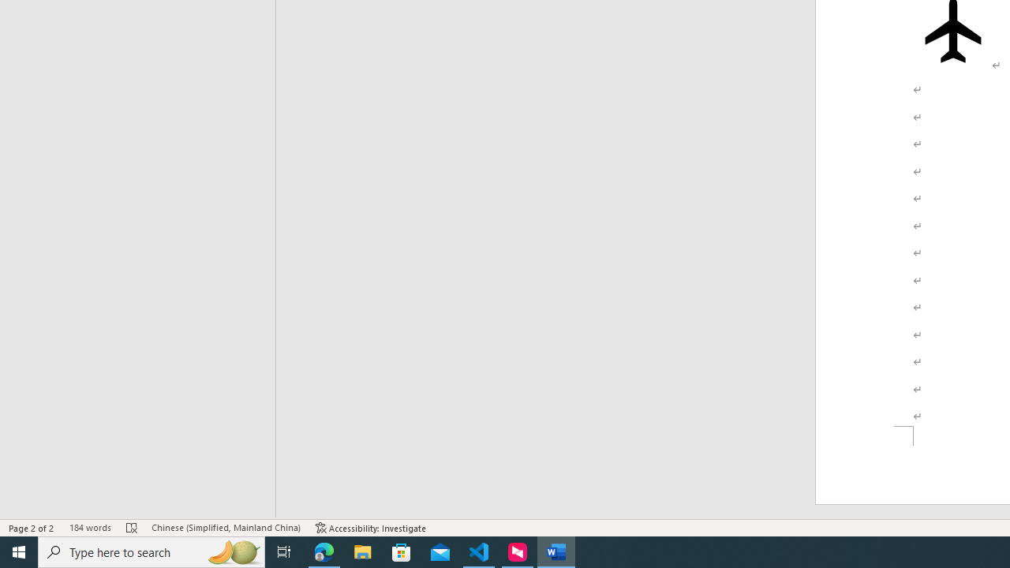 This screenshot has width=1010, height=568. What do you see at coordinates (133, 528) in the screenshot?
I see `'Spelling and Grammar Check Errors'` at bounding box center [133, 528].